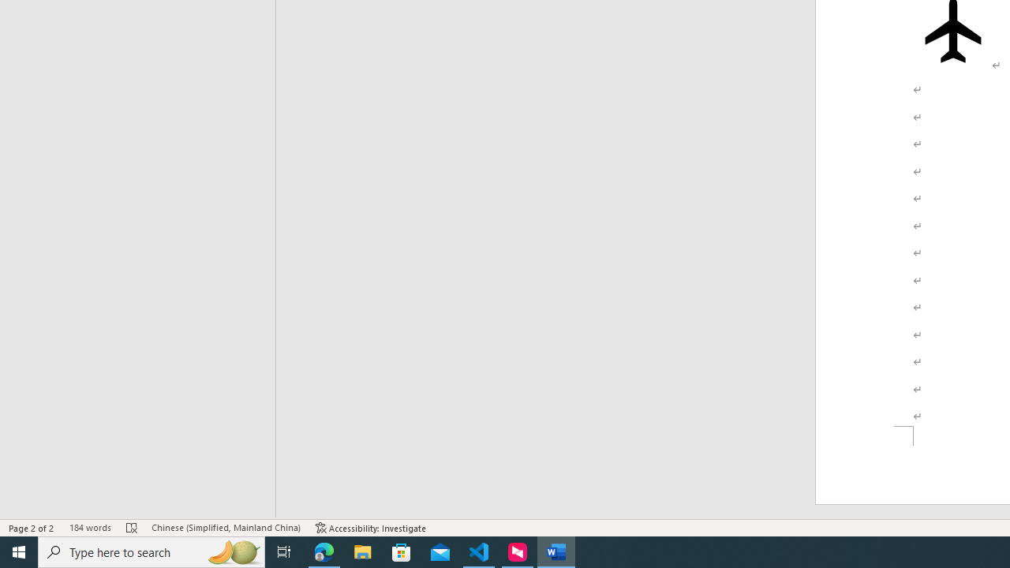 This screenshot has width=1010, height=568. What do you see at coordinates (133, 528) in the screenshot?
I see `'Spelling and Grammar Check Errors'` at bounding box center [133, 528].